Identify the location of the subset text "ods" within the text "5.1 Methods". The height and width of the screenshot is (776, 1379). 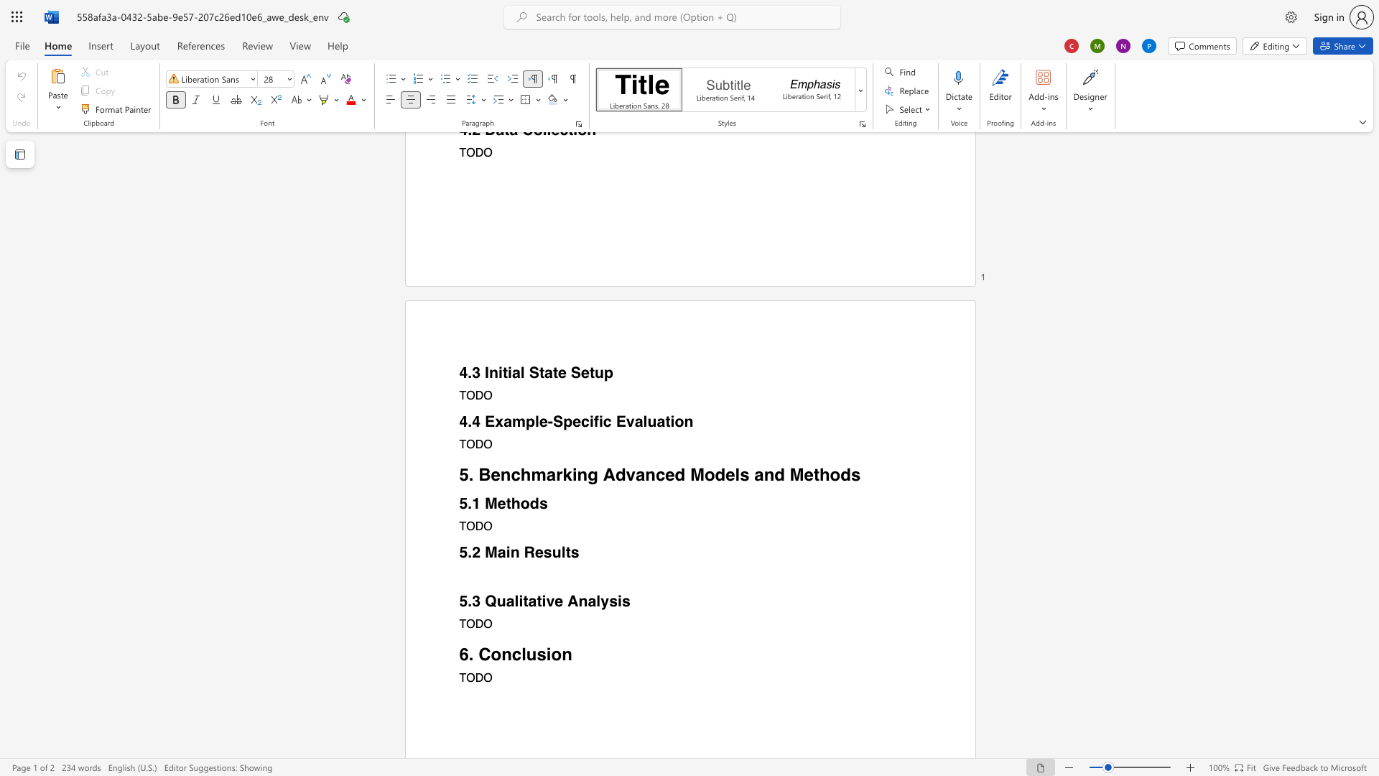
(519, 503).